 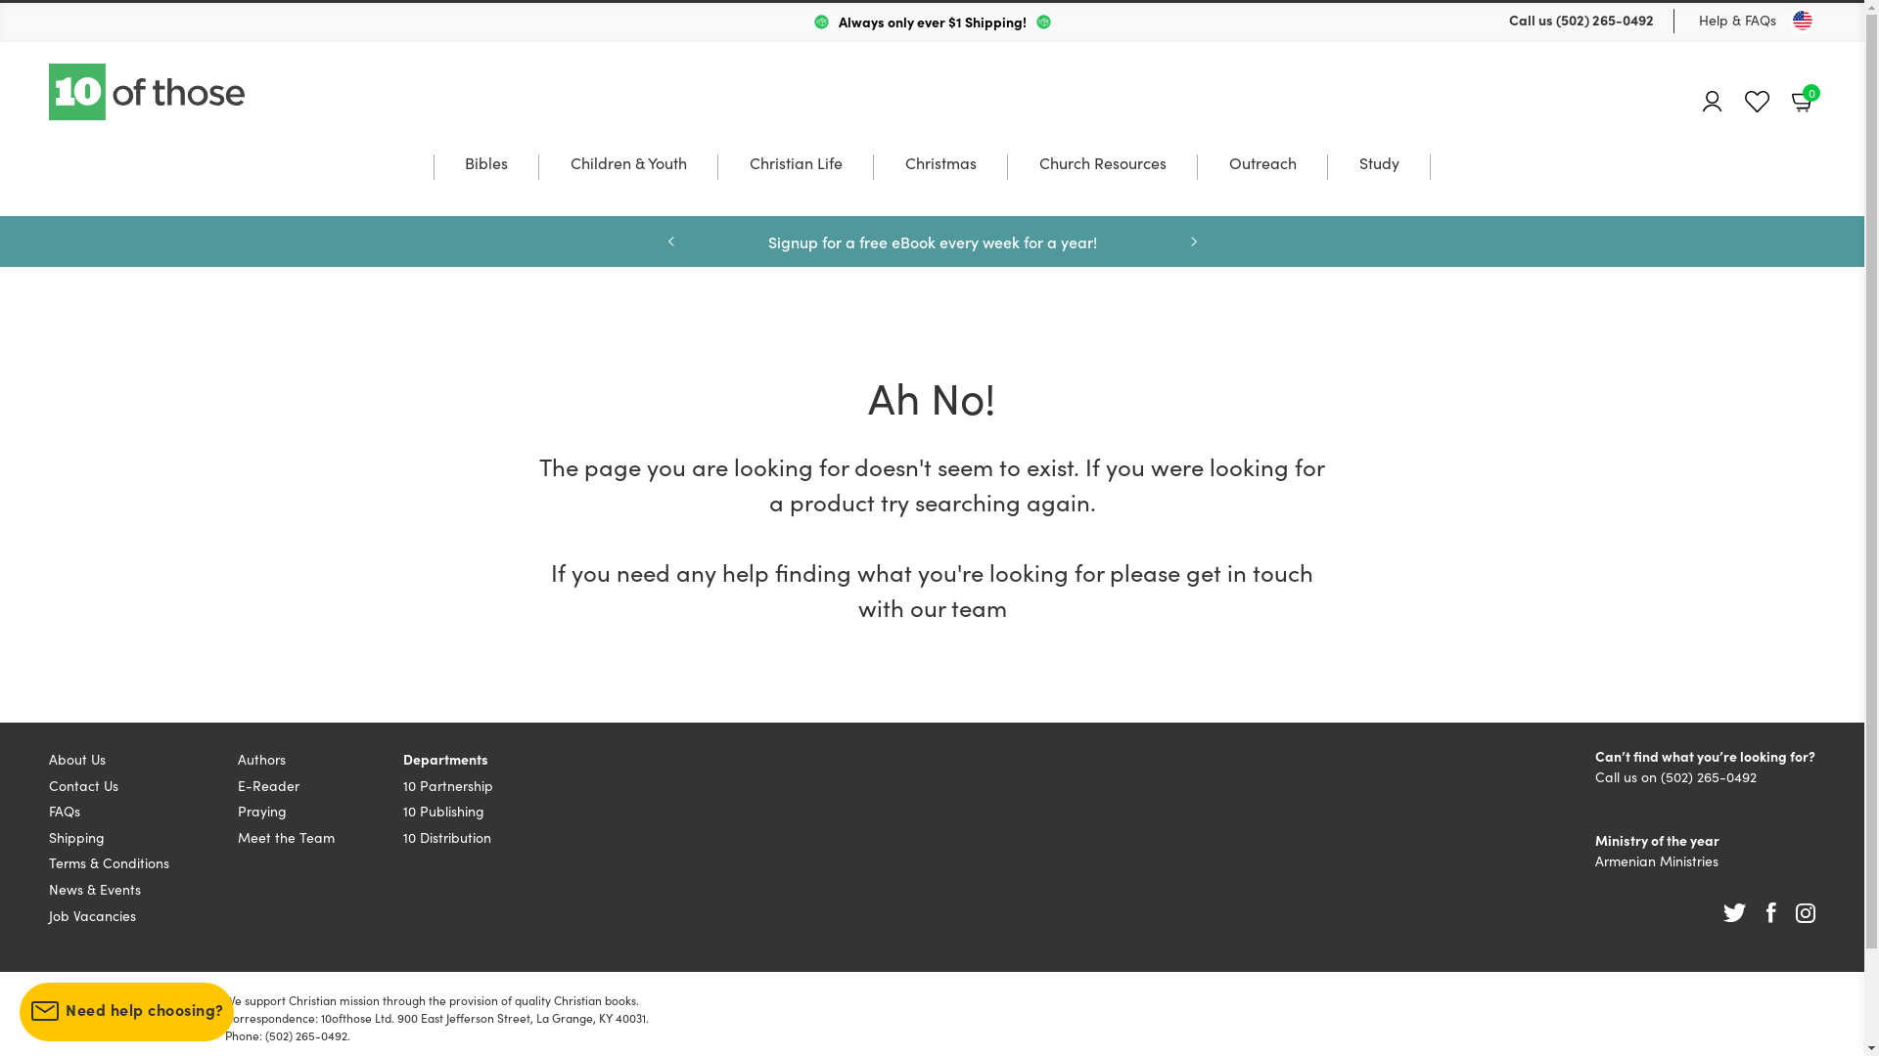 I want to click on 'E-Reader', so click(x=267, y=783).